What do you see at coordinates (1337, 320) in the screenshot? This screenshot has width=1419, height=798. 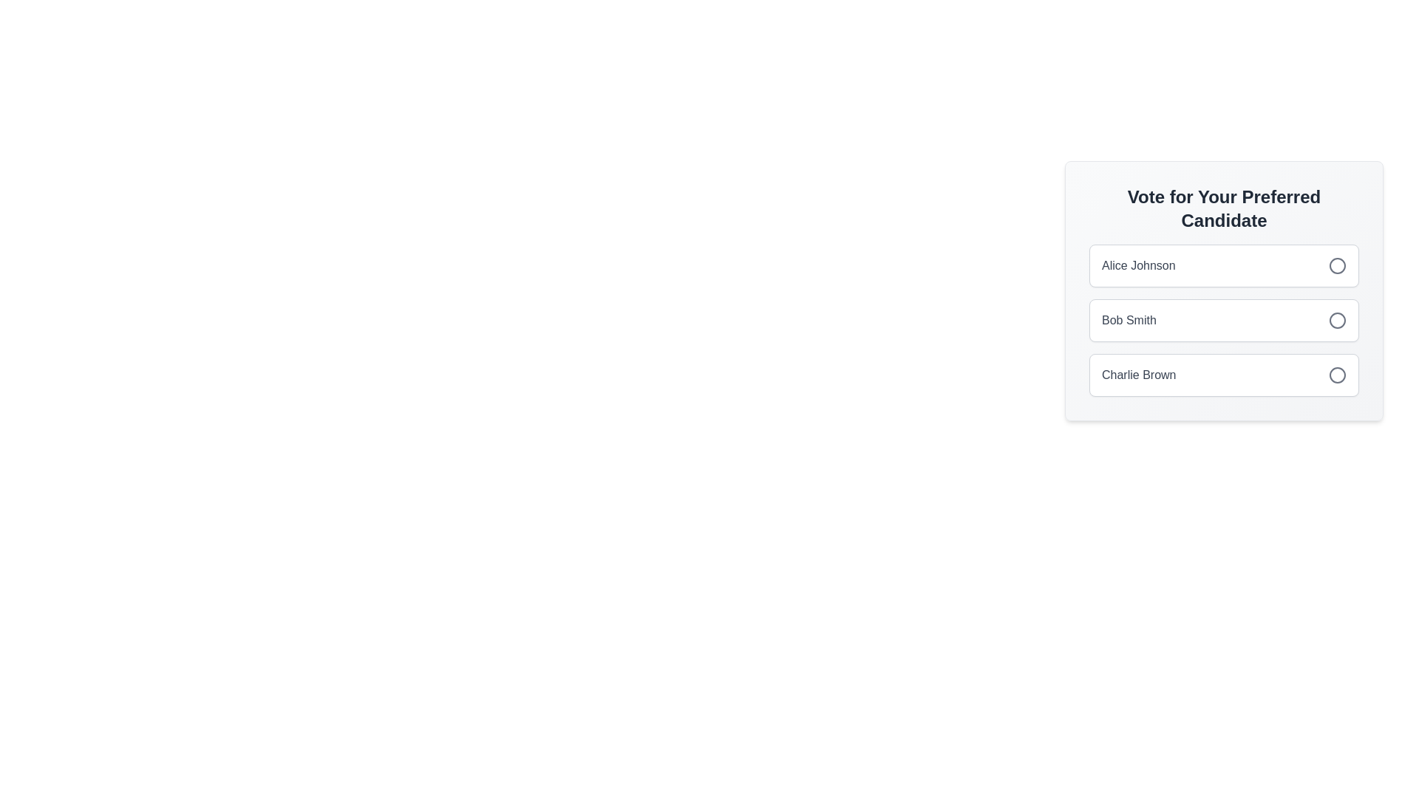 I see `the gray circular radio button associated with the 'Bob Smith' option in the voting interface` at bounding box center [1337, 320].